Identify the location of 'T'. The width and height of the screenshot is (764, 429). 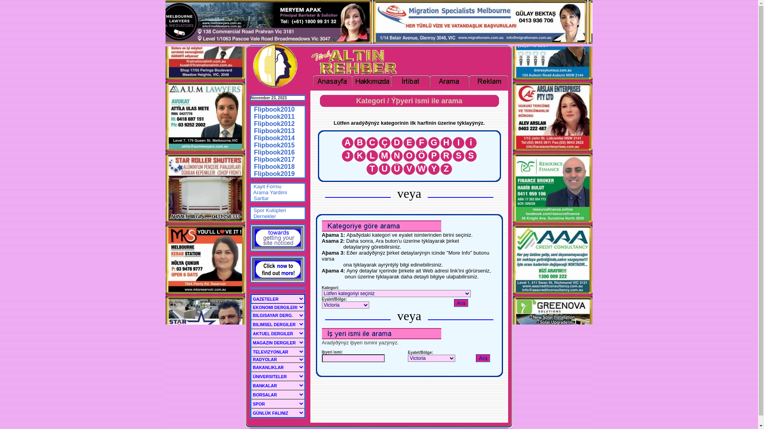
(369, 170).